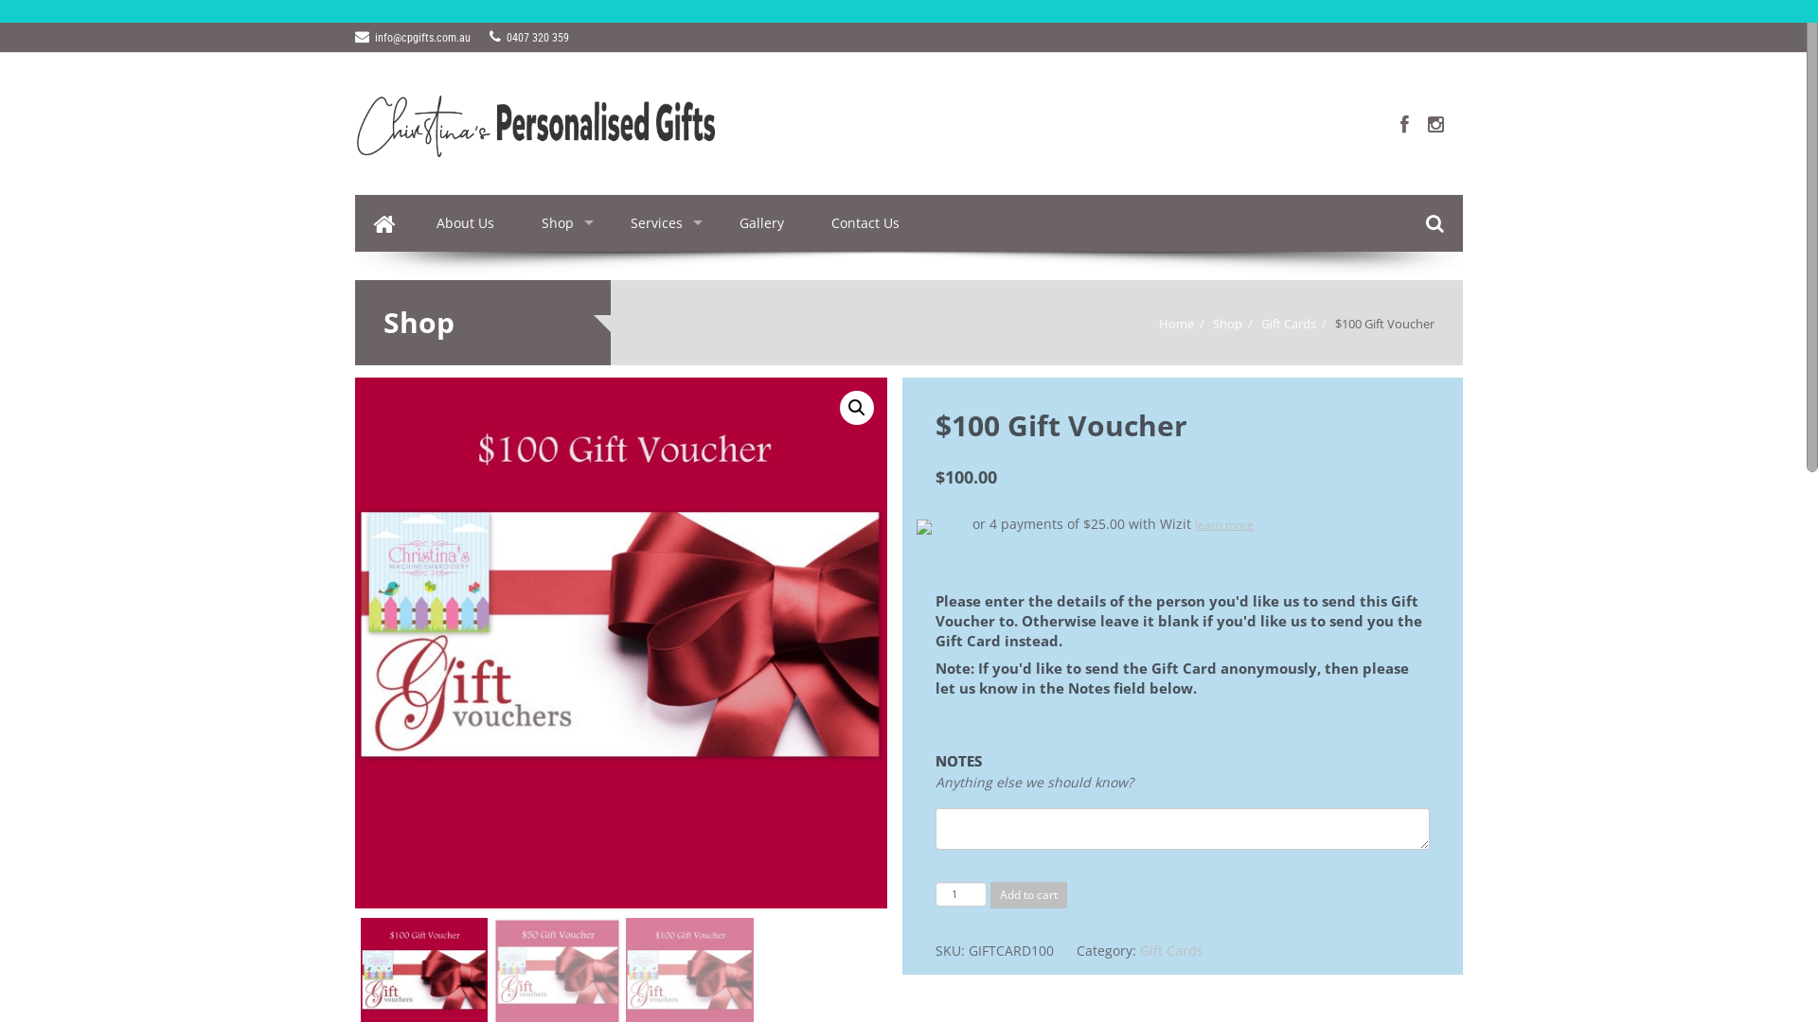  I want to click on 'learn more', so click(1223, 524).